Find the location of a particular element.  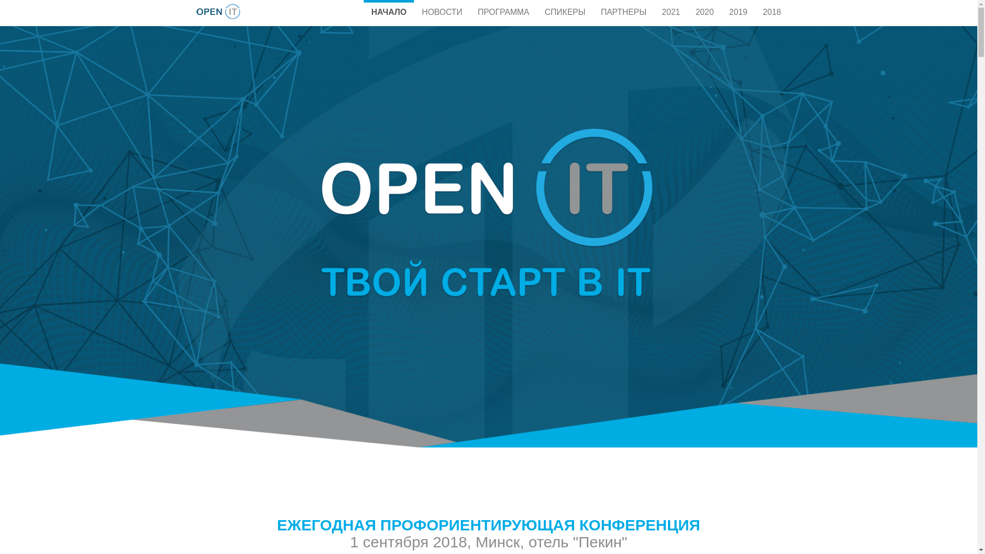

'2021' is located at coordinates (671, 11).